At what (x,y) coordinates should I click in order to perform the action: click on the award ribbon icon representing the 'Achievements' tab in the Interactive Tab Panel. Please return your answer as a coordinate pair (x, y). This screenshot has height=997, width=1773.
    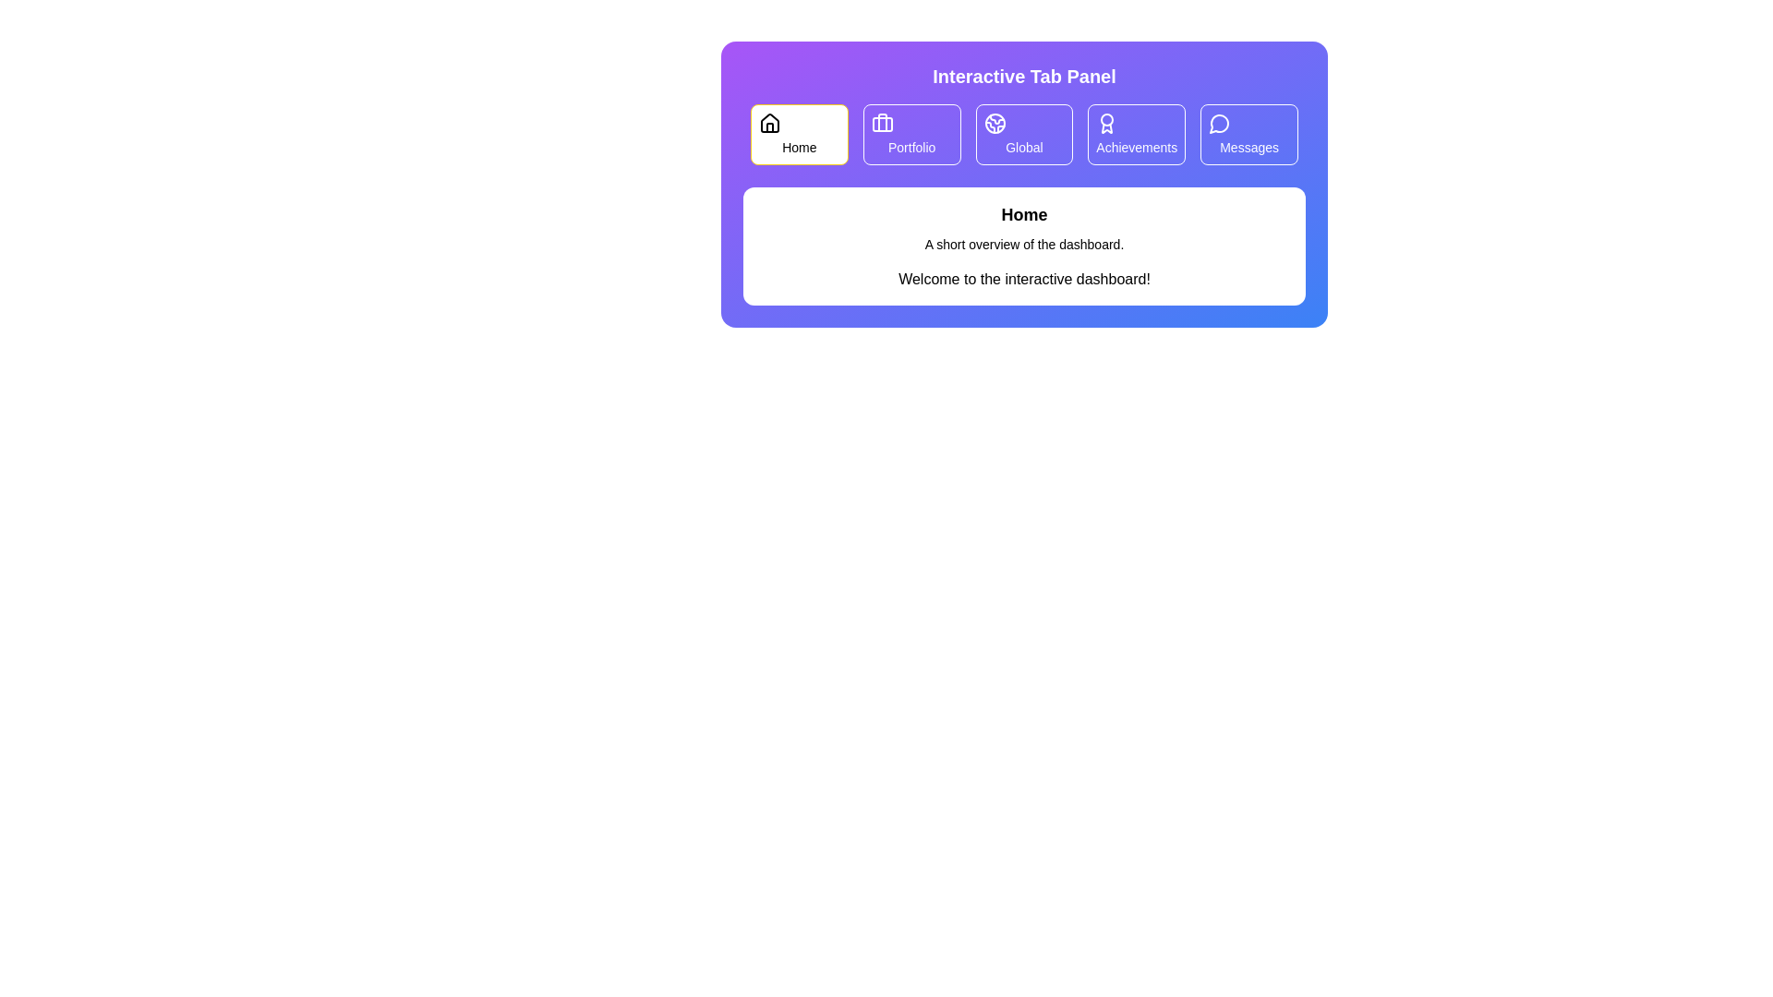
    Looking at the image, I should click on (1107, 124).